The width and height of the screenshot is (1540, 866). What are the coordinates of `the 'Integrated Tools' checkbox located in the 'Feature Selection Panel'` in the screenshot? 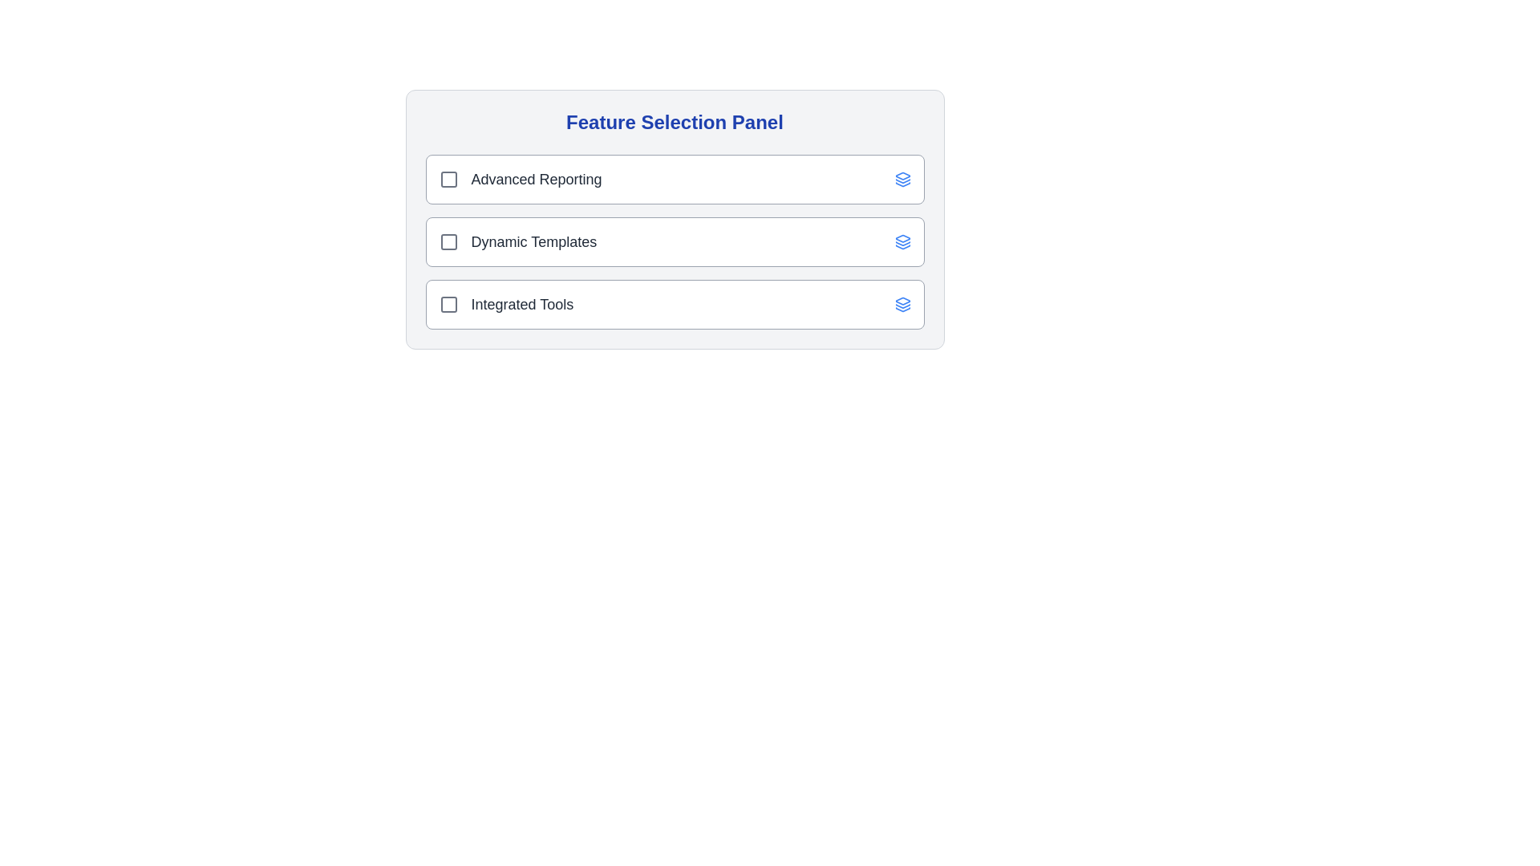 It's located at (505, 305).